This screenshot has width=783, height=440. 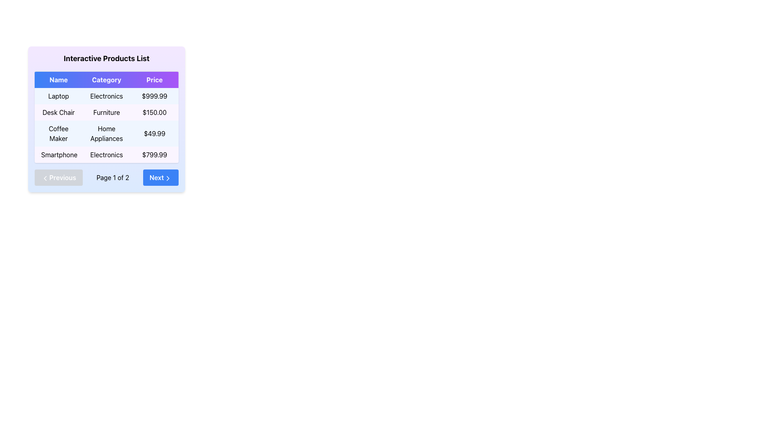 I want to click on the Text Label displaying the product category located in the third row of the table under the 'Category' column, positioned between 'Coffee Maker' and '$49.99', so click(x=106, y=133).